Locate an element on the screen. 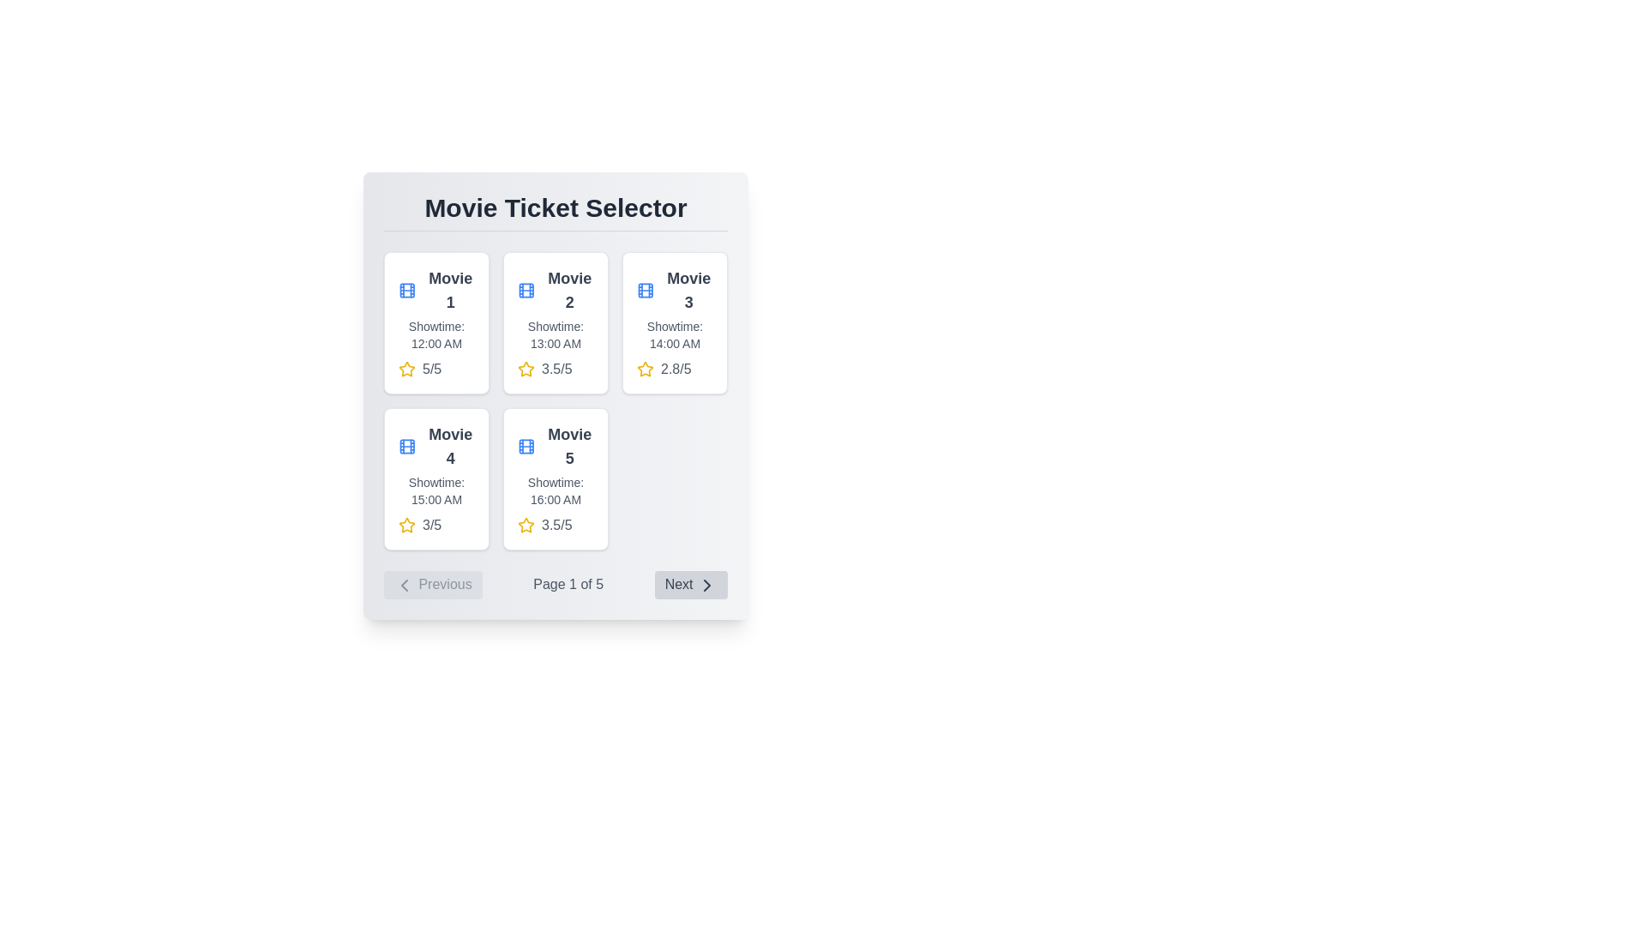 The height and width of the screenshot is (926, 1646). the star icon with a yellow outline and white fill located on the second row of the grid arrangement within the card titled 'Movie 2' to rate or interact with the icon is located at coordinates (526, 368).